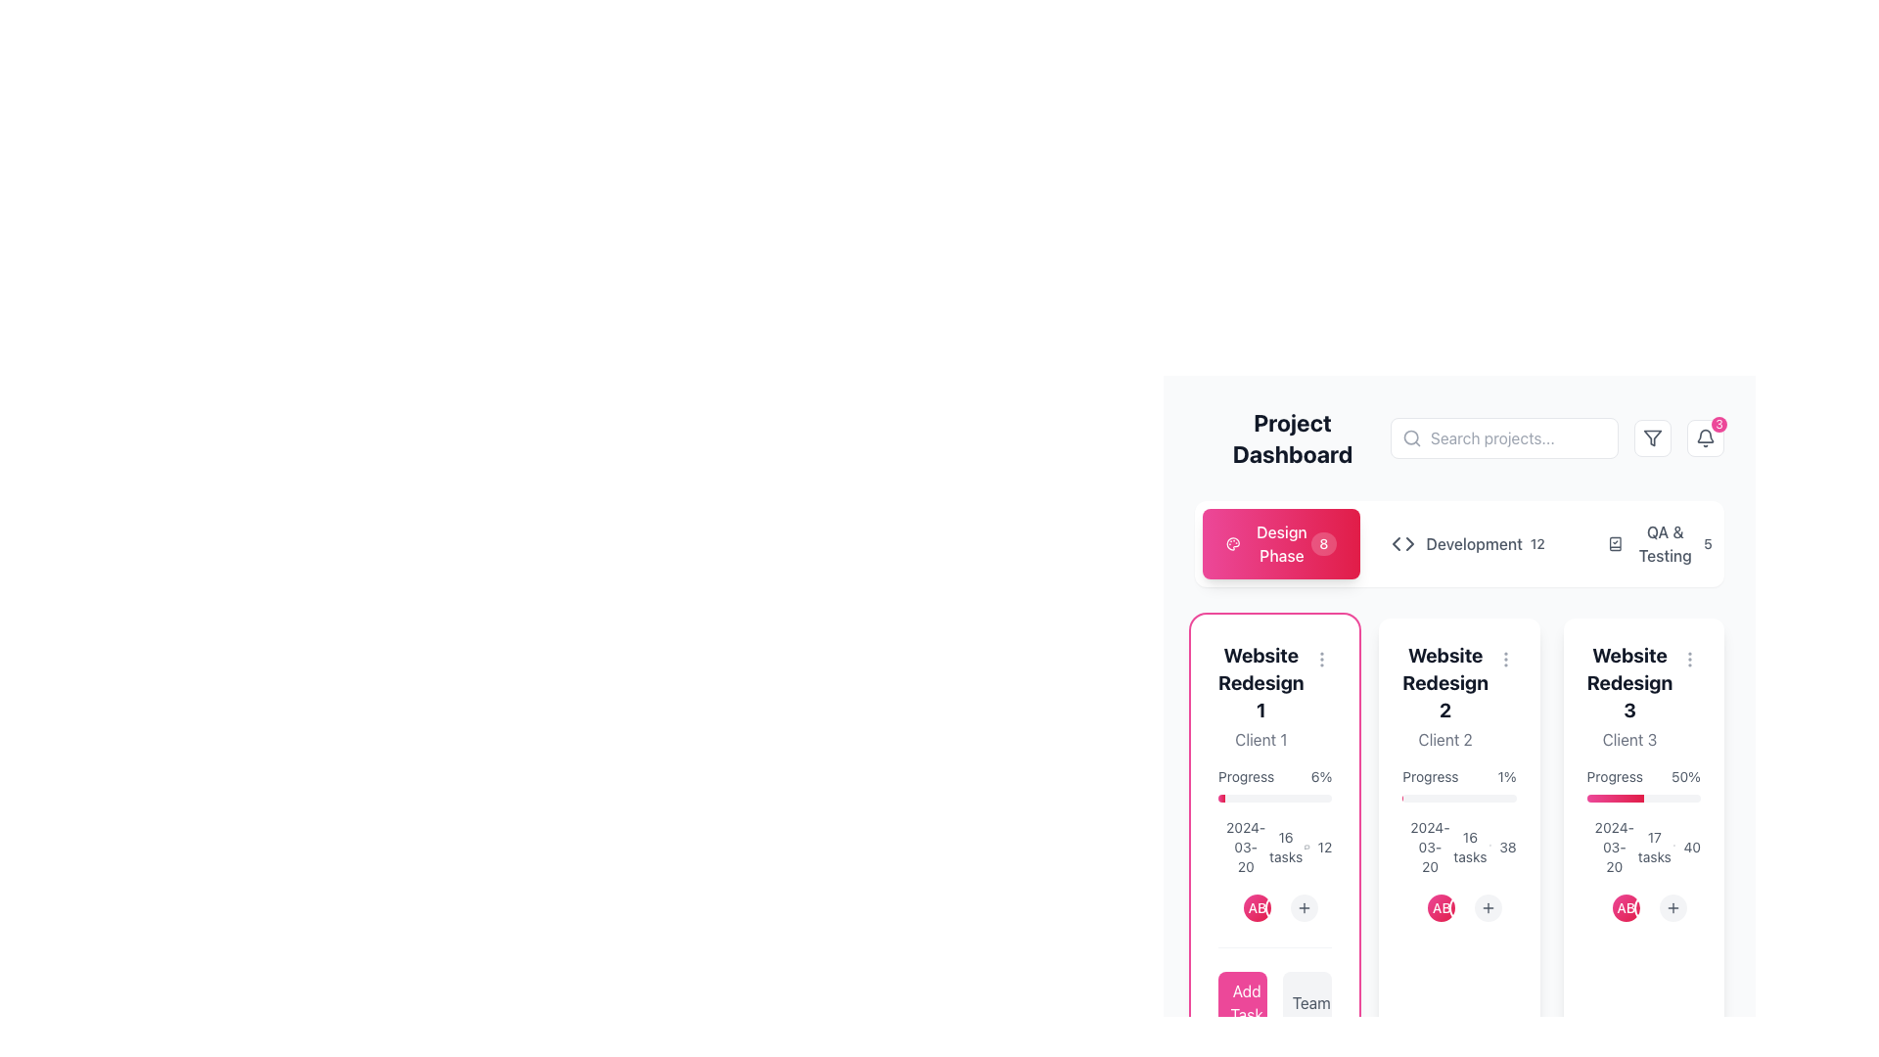 The height and width of the screenshot is (1057, 1879). I want to click on the text display titled 'Website Redesign 2' in the 'Design Phase' section, which is located between the cards for 'Website Redesign 1' and 'Website Redesign 3', so click(1459, 696).